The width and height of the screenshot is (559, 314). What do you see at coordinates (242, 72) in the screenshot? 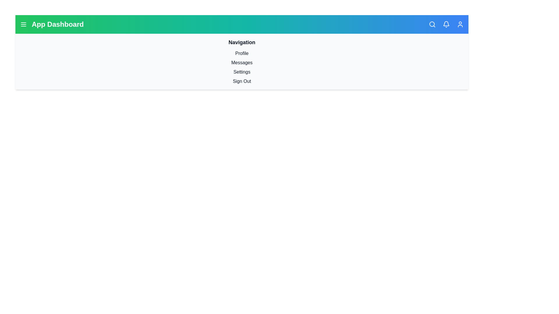
I see `the menu item Settings to observe its hover effect` at bounding box center [242, 72].